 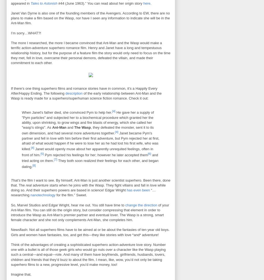 I want to click on 'nanotechnology', so click(x=43, y=195).